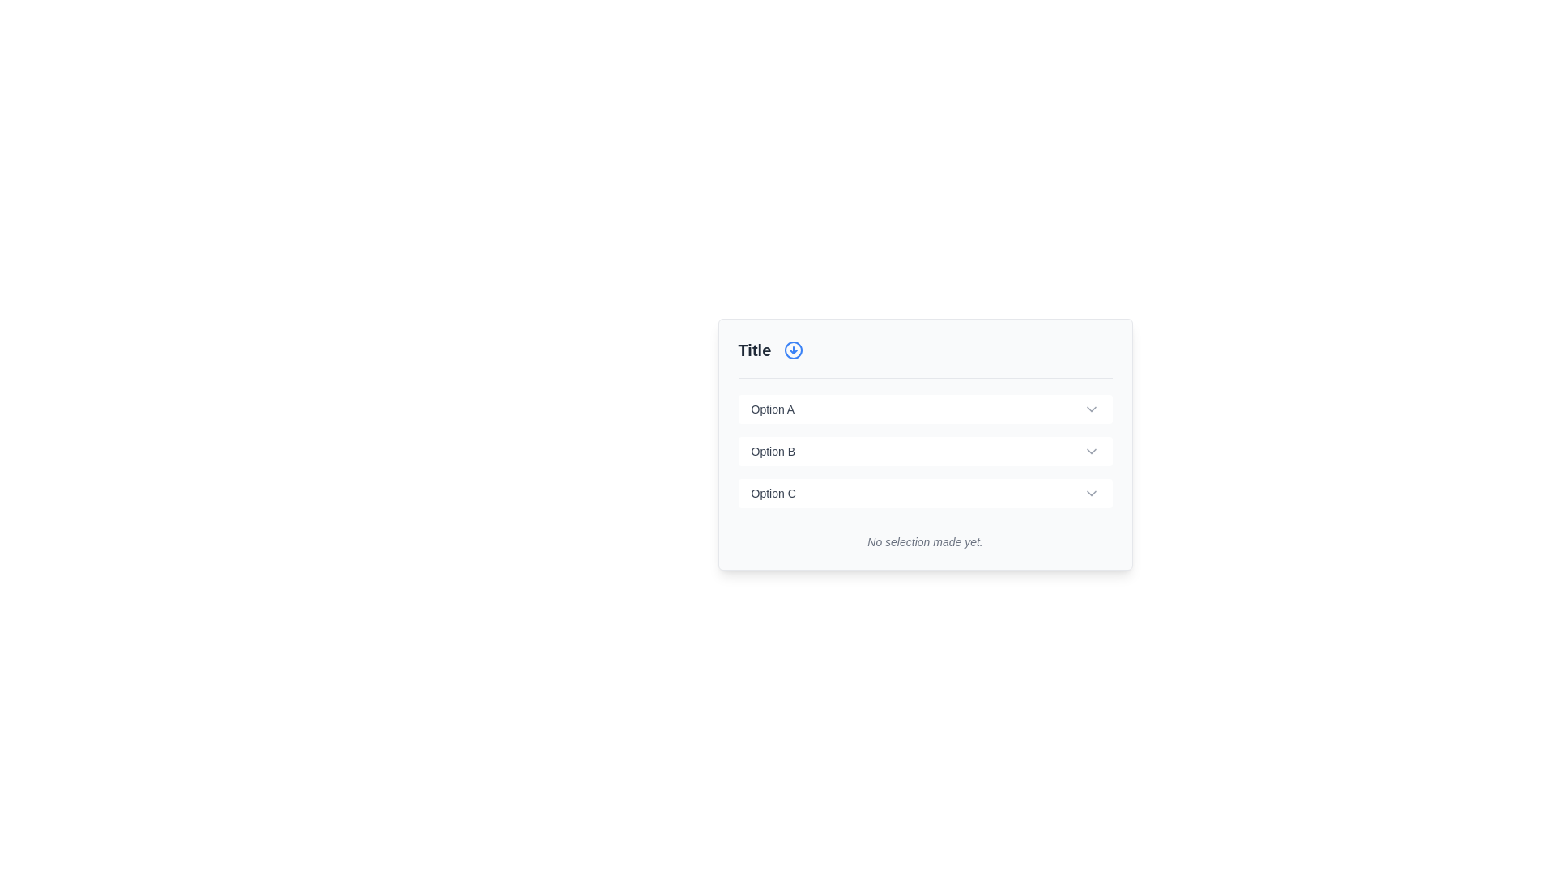  I want to click on text of the label displaying 'Option C', which is located in the lower part of the menu list, just below 'Option B', so click(773, 492).